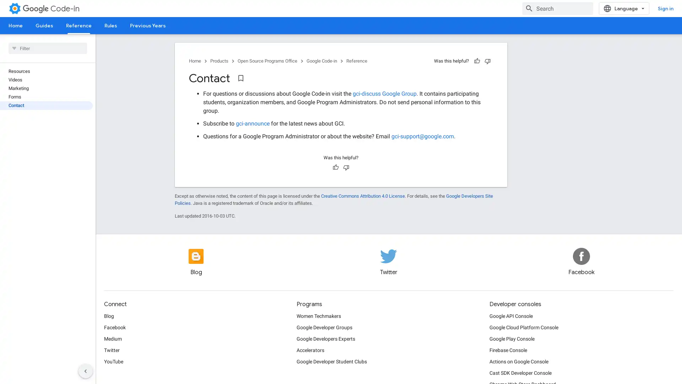  Describe the element at coordinates (487, 61) in the screenshot. I see `Not helpful` at that location.